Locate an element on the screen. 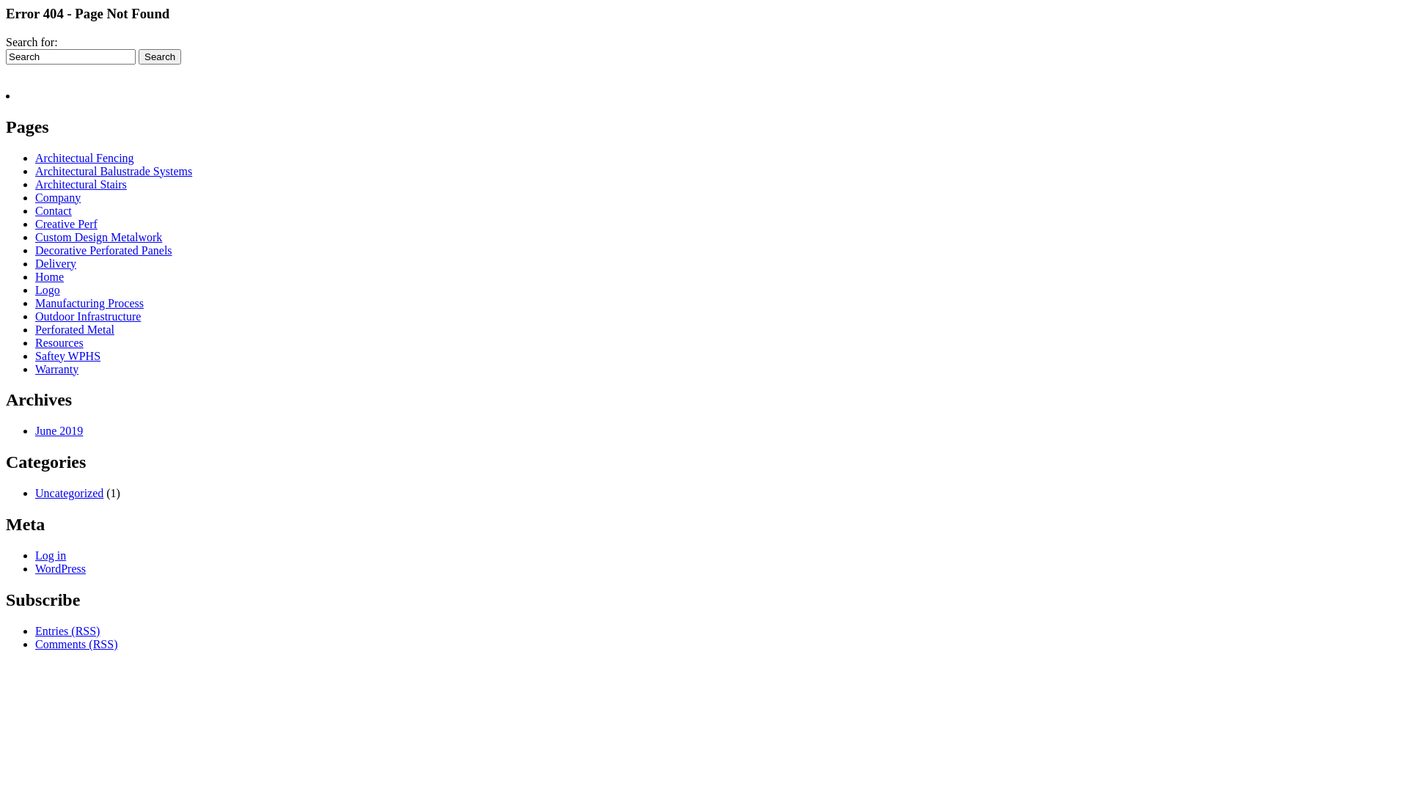 This screenshot has height=792, width=1408. 'WordPress' is located at coordinates (59, 568).